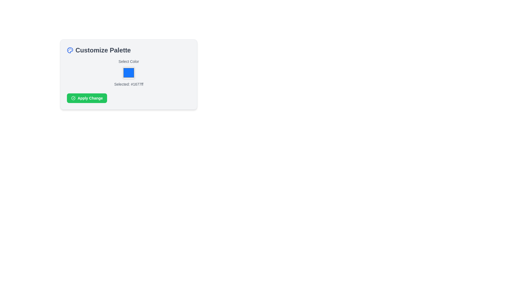 The image size is (514, 289). What do you see at coordinates (128, 73) in the screenshot?
I see `the blue square in the color selection interface labeled 'Select Color'` at bounding box center [128, 73].